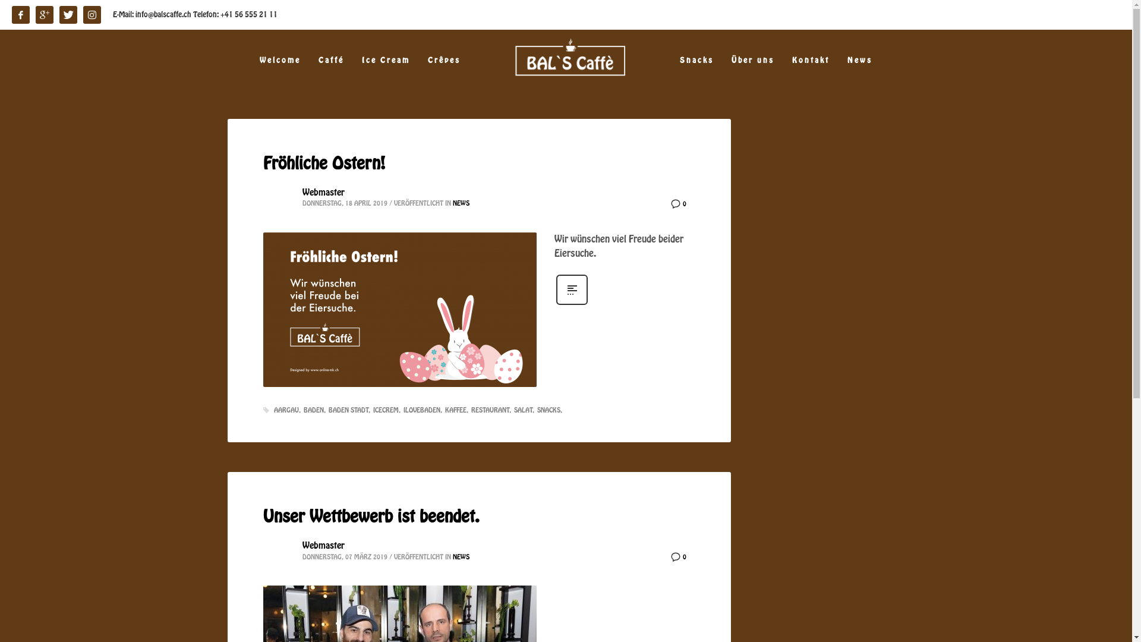  I want to click on 'Google', so click(45, 14).